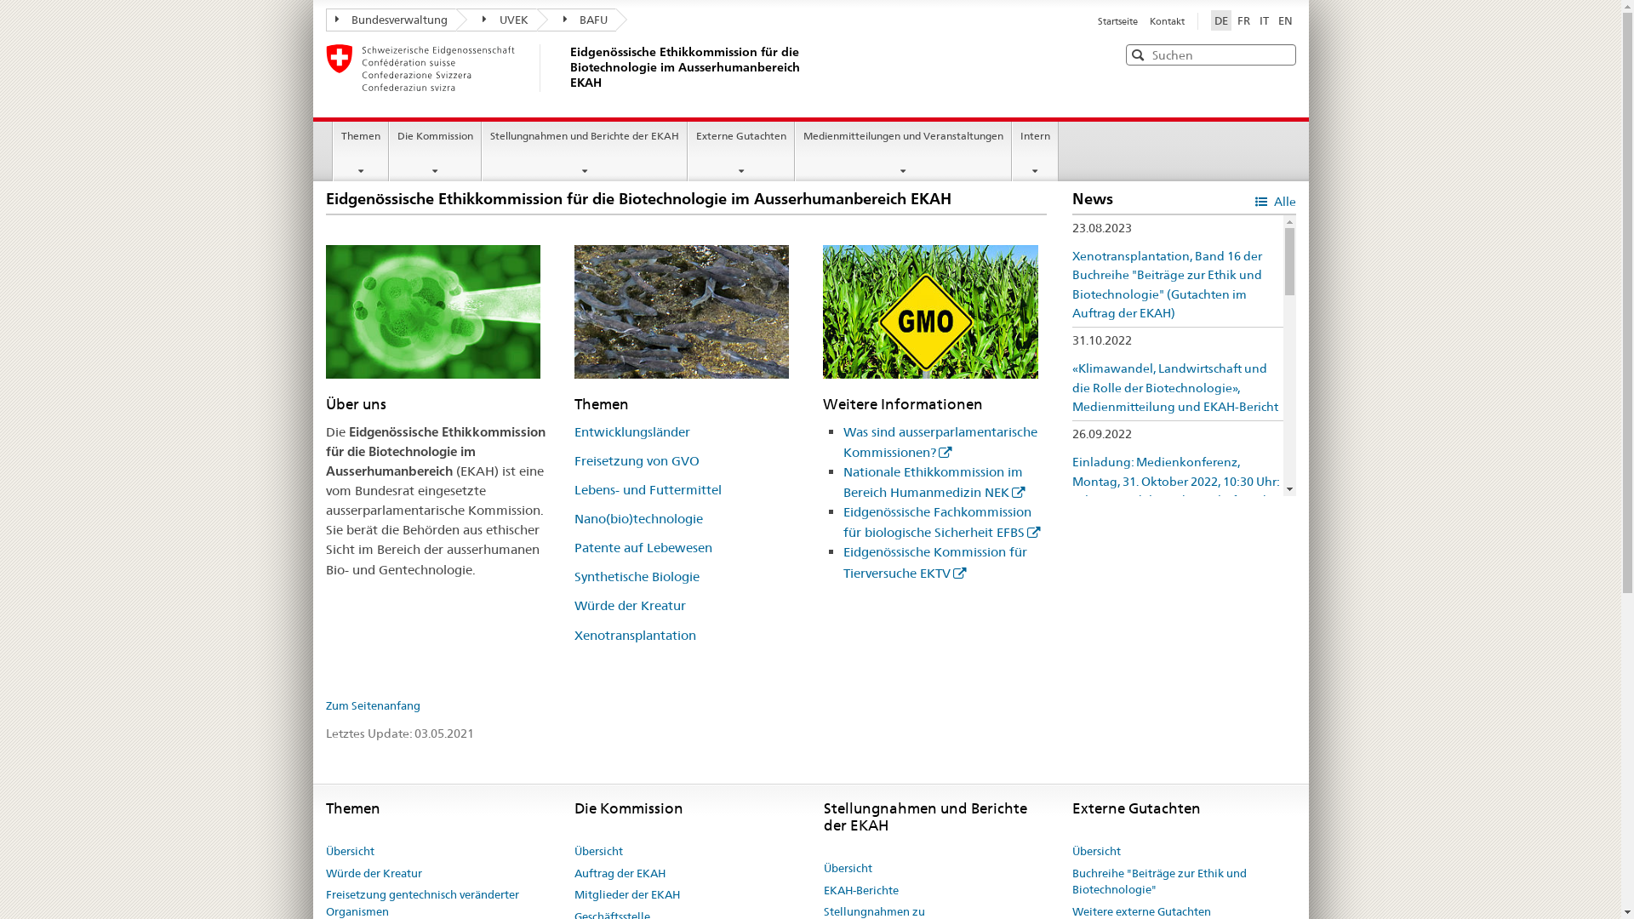 The image size is (1634, 919). What do you see at coordinates (1274, 199) in the screenshot?
I see `'Alle'` at bounding box center [1274, 199].